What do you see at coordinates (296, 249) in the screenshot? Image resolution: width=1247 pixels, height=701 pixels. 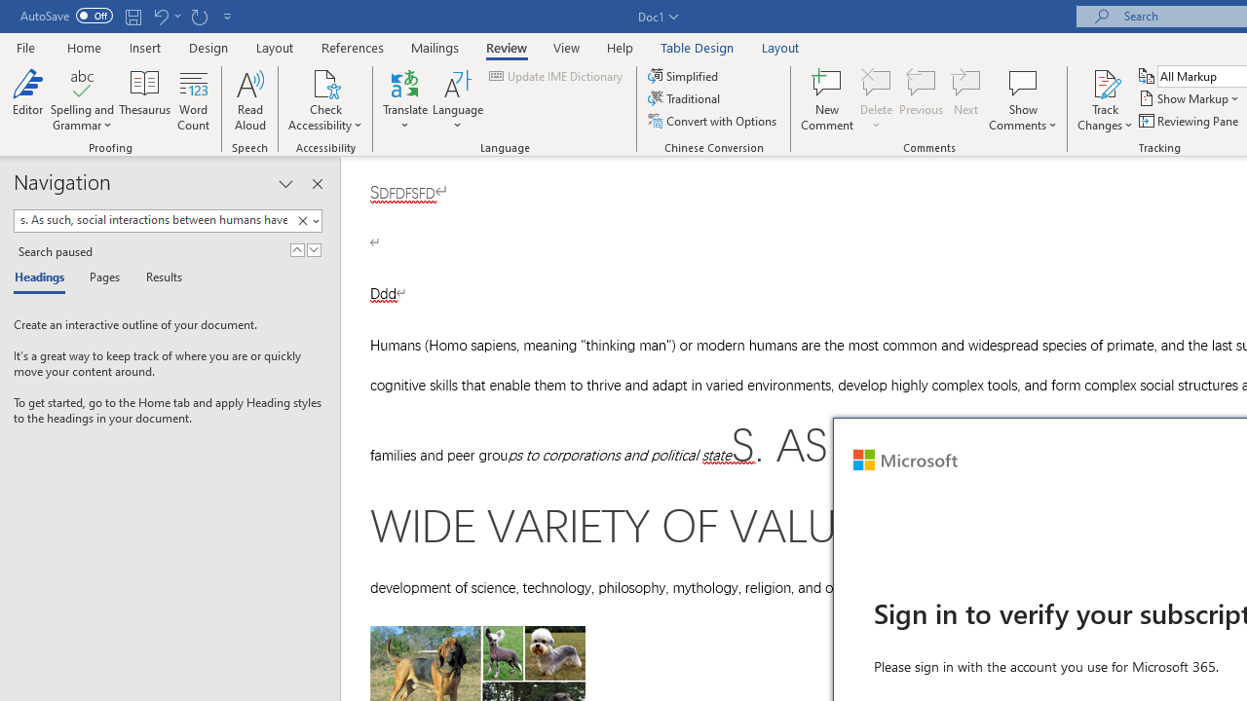 I see `'Previous Result'` at bounding box center [296, 249].